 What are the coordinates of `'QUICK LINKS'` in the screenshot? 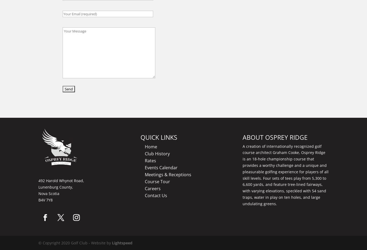 It's located at (158, 137).